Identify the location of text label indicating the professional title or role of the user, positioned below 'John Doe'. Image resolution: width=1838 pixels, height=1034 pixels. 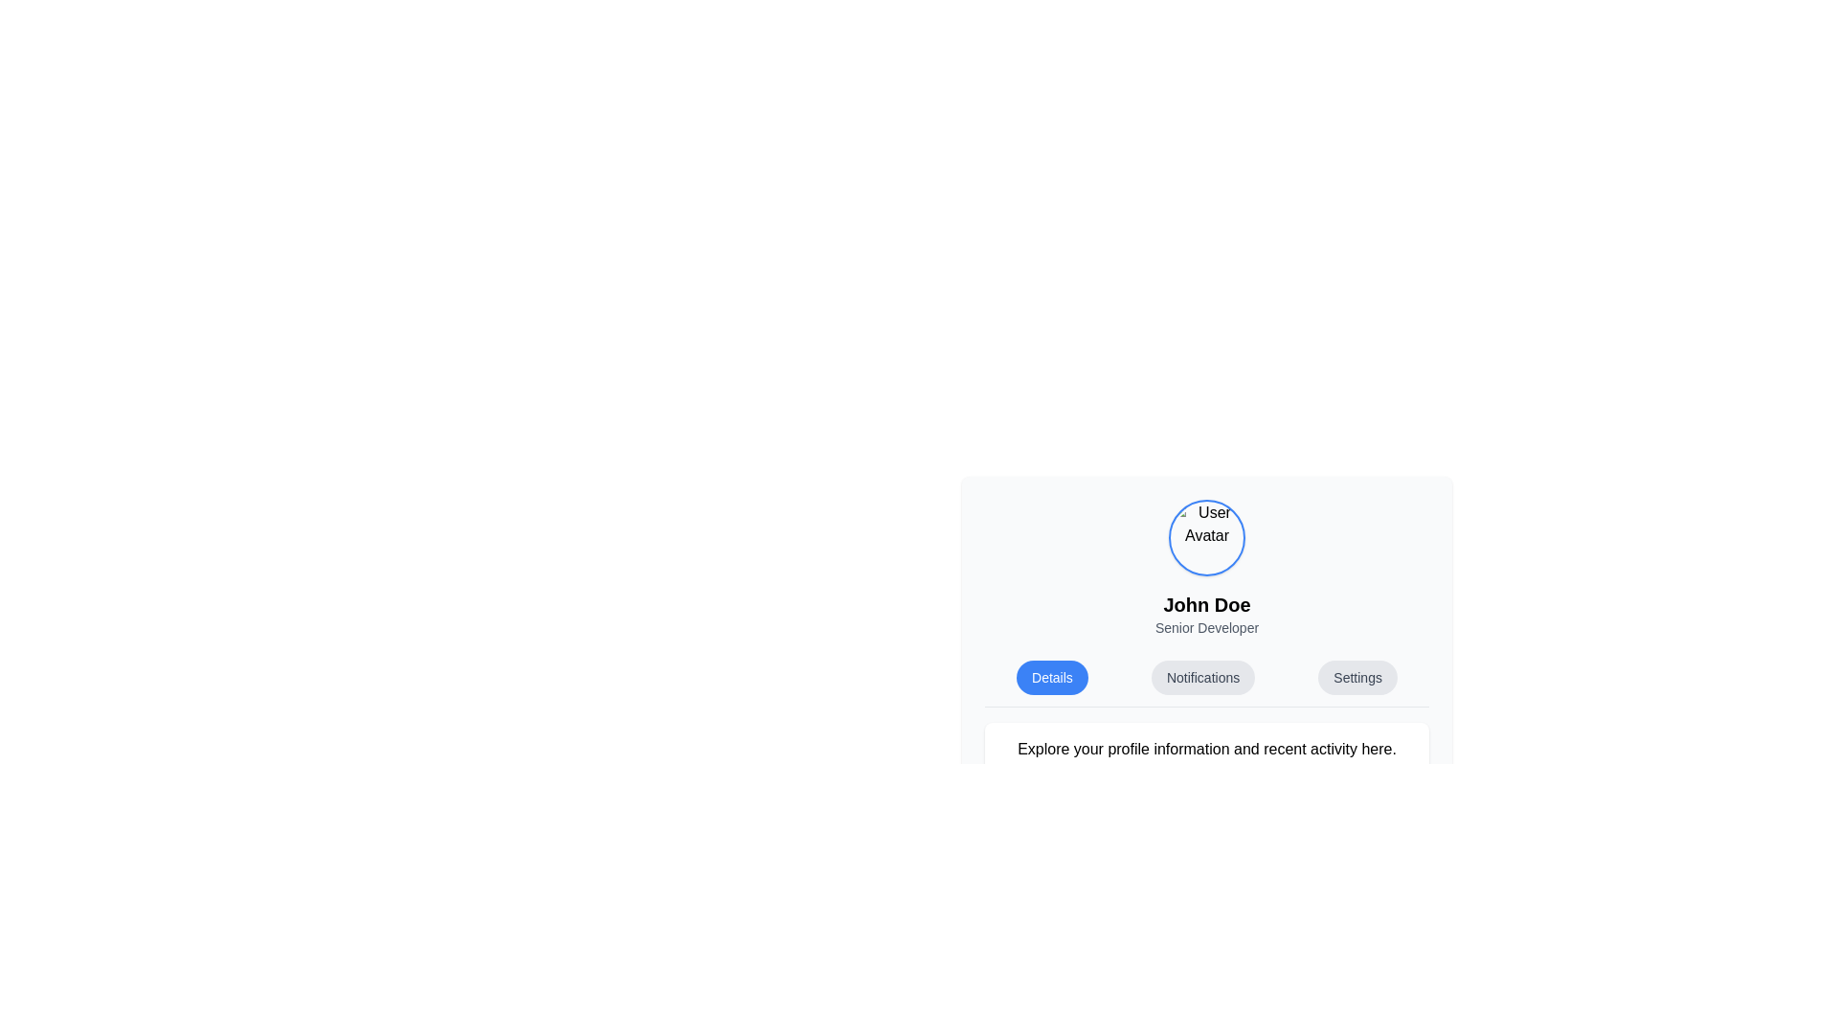
(1206, 627).